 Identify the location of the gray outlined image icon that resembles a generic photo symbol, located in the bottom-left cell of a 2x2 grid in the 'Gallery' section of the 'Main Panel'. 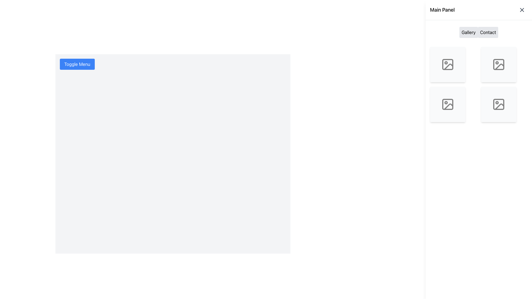
(448, 104).